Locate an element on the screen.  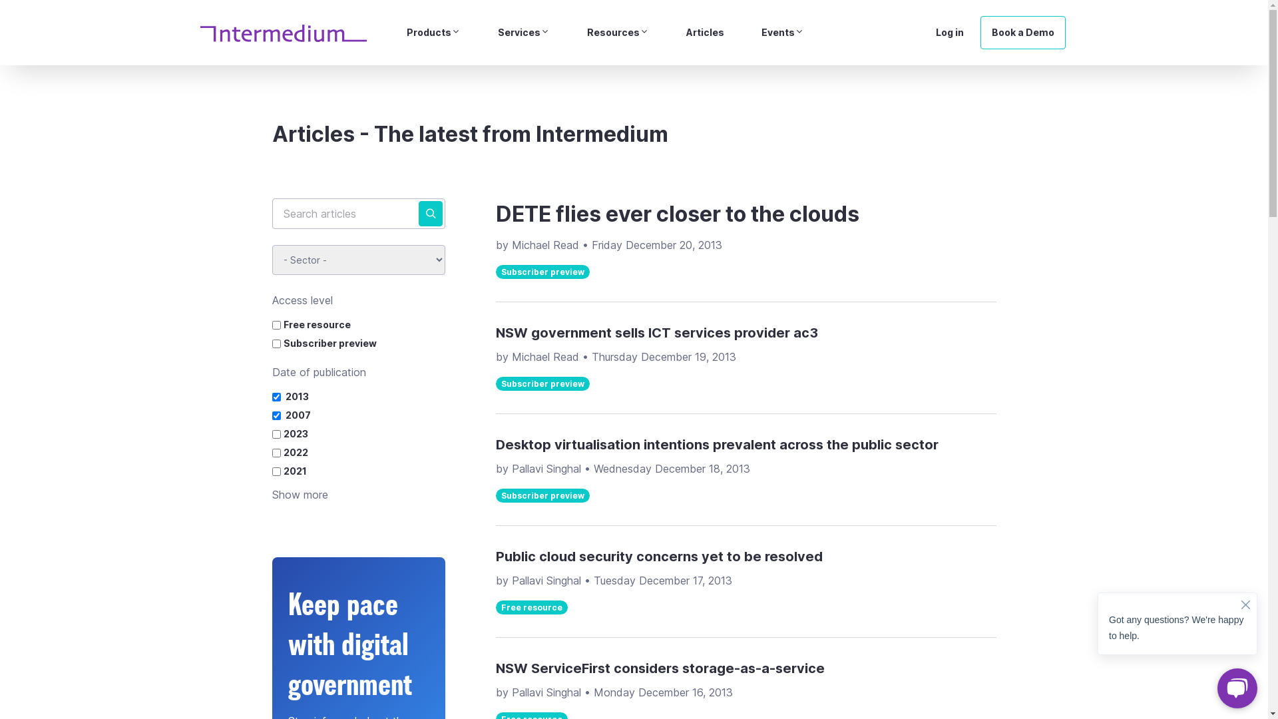
'Show more' is located at coordinates (299, 495).